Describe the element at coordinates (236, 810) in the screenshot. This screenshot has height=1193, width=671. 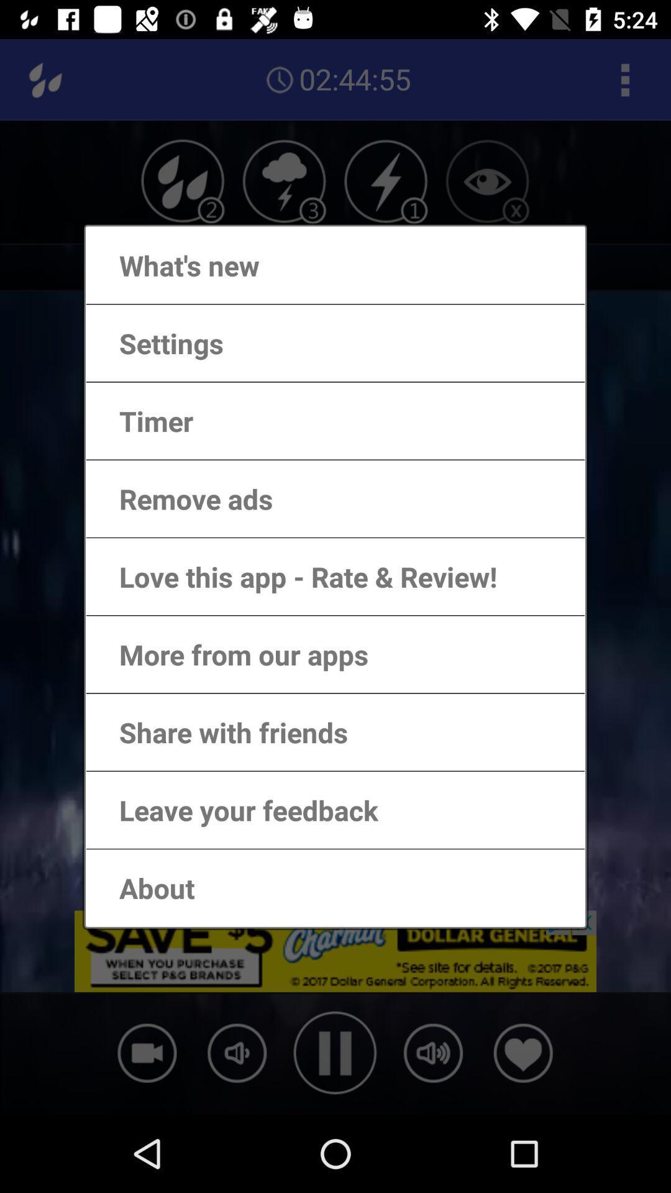
I see `the leave your feedback item` at that location.